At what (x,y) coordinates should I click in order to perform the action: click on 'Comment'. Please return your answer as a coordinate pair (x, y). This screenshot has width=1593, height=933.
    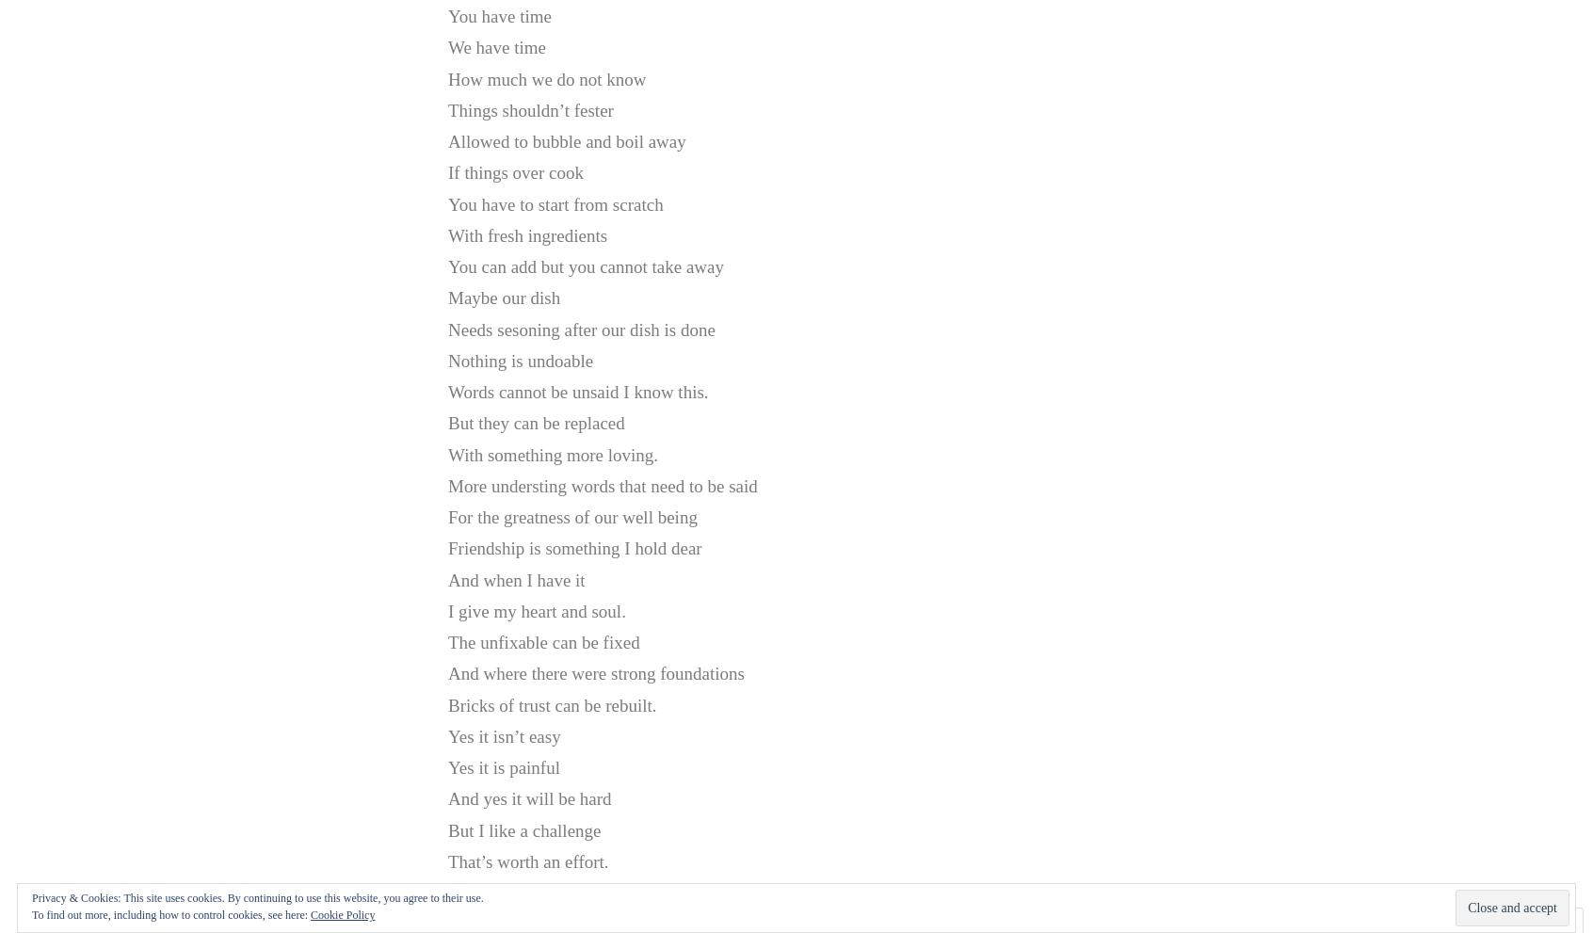
    Looking at the image, I should click on (1422, 924).